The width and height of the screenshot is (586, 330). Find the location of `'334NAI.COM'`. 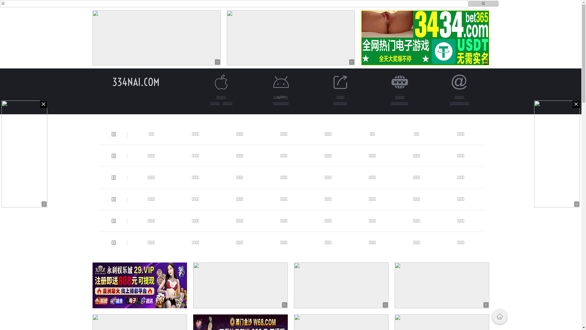

'334NAI.COM' is located at coordinates (136, 82).